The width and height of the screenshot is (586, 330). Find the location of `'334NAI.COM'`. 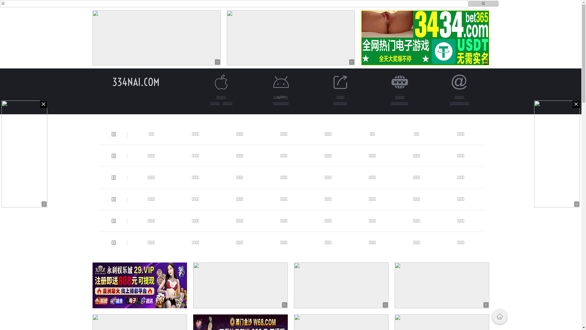

'334NAI.COM' is located at coordinates (136, 82).